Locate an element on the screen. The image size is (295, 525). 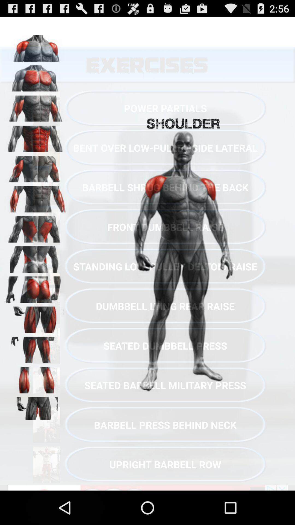
the fourth option is located at coordinates (36, 137).